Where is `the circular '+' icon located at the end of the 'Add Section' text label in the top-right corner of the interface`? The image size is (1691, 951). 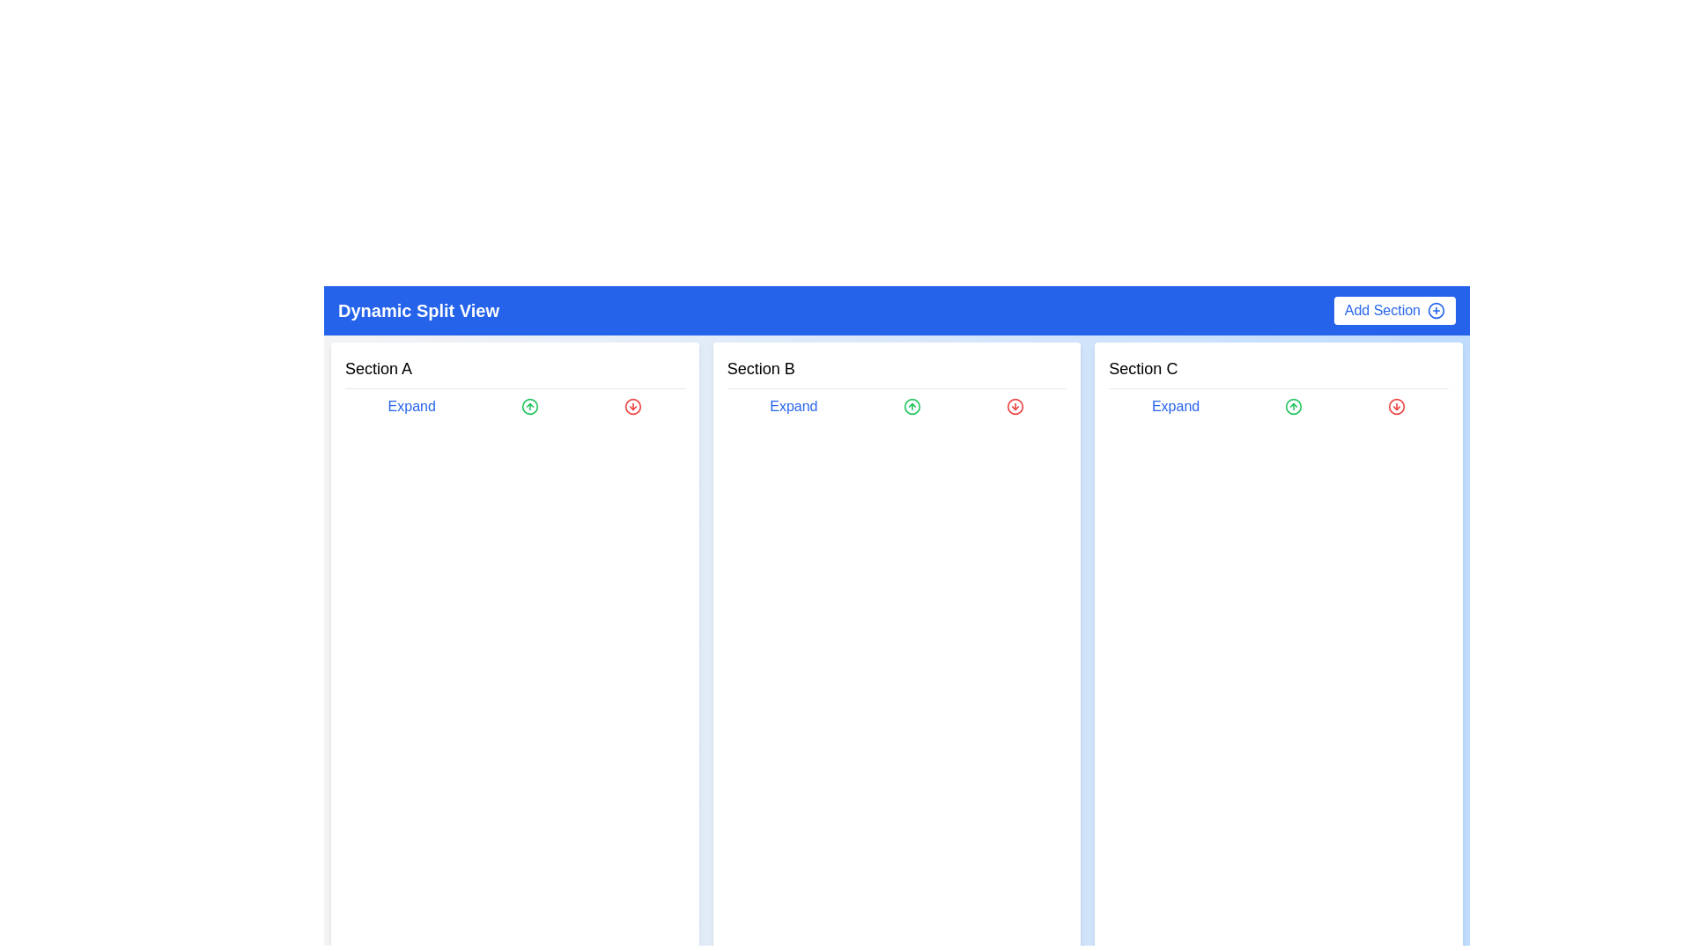
the circular '+' icon located at the end of the 'Add Section' text label in the top-right corner of the interface is located at coordinates (1436, 310).